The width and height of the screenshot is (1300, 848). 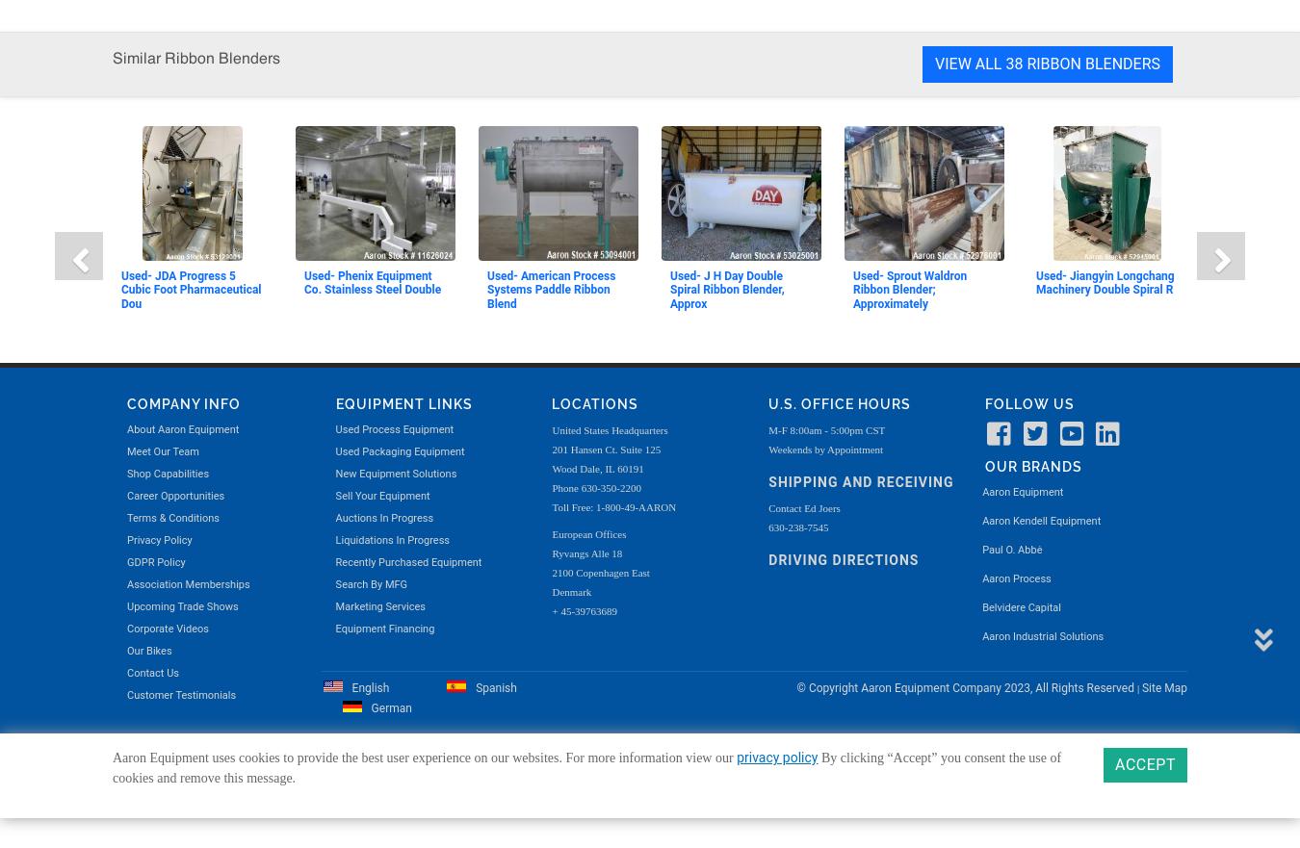 What do you see at coordinates (1042, 46) in the screenshot?
I see `'Aaron Industrial Solutions'` at bounding box center [1042, 46].